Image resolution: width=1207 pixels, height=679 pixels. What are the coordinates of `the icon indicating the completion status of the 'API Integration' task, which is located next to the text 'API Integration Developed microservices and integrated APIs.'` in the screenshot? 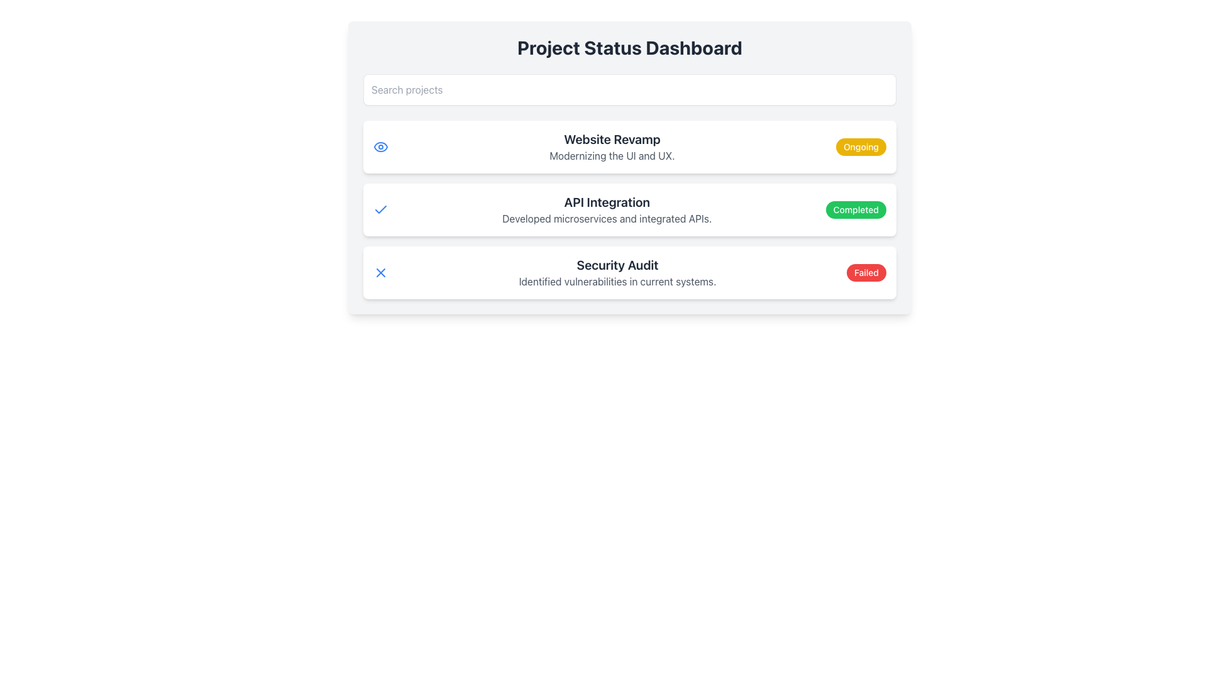 It's located at (380, 209).